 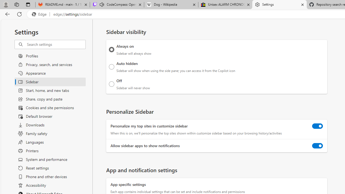 What do you see at coordinates (56, 44) in the screenshot?
I see `'Search settings'` at bounding box center [56, 44].